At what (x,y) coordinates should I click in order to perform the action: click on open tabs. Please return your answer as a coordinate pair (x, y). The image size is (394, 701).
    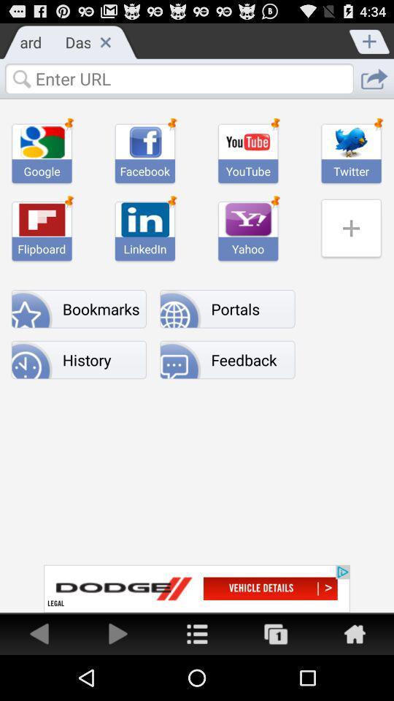
    Looking at the image, I should click on (276, 632).